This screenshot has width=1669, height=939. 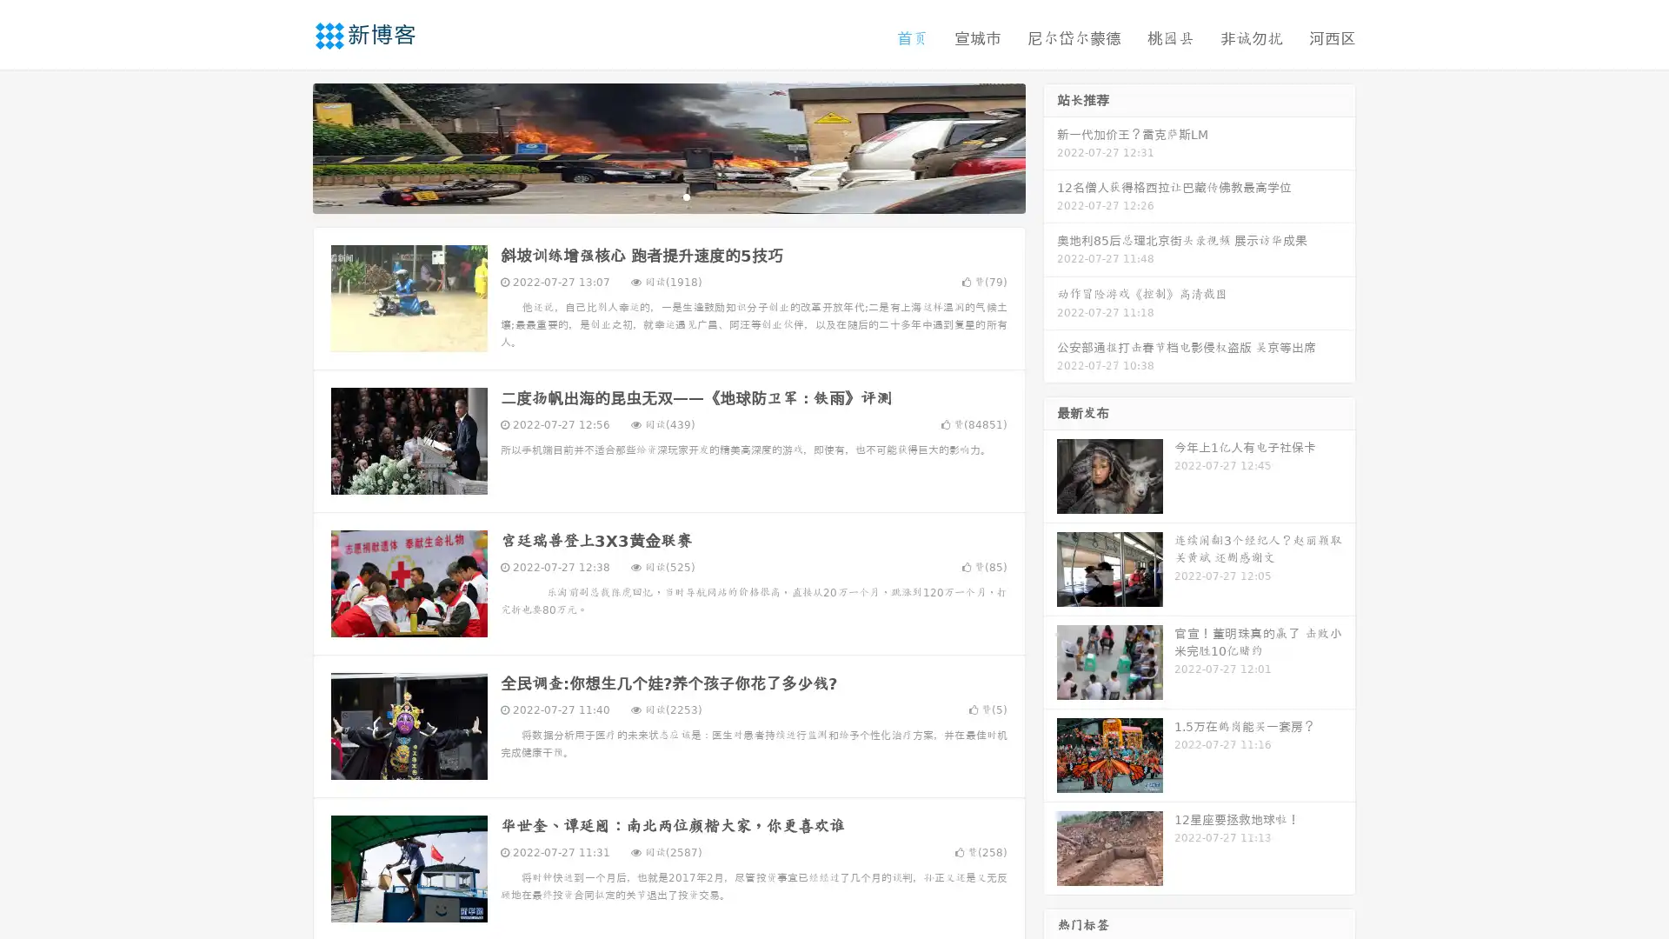 I want to click on Go to slide 2, so click(x=668, y=196).